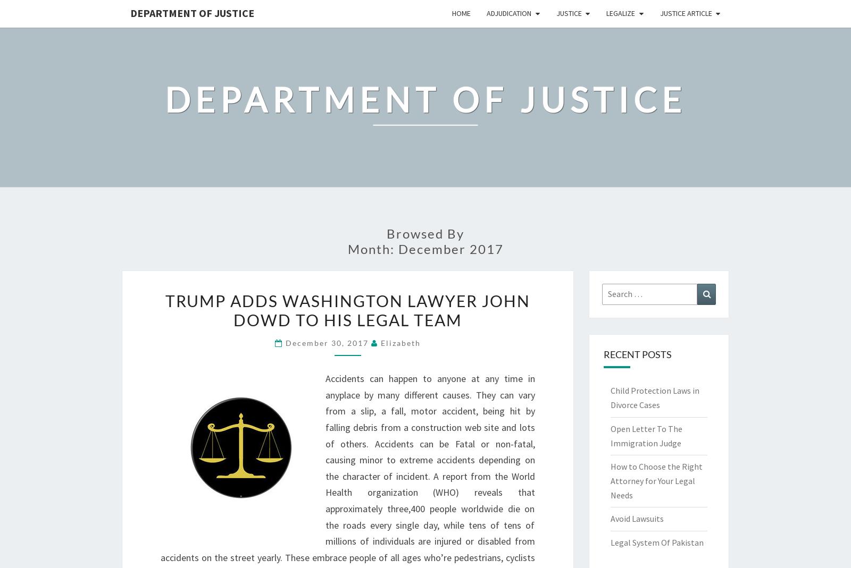 The width and height of the screenshot is (851, 568). What do you see at coordinates (372, 248) in the screenshot?
I see `'Month:'` at bounding box center [372, 248].